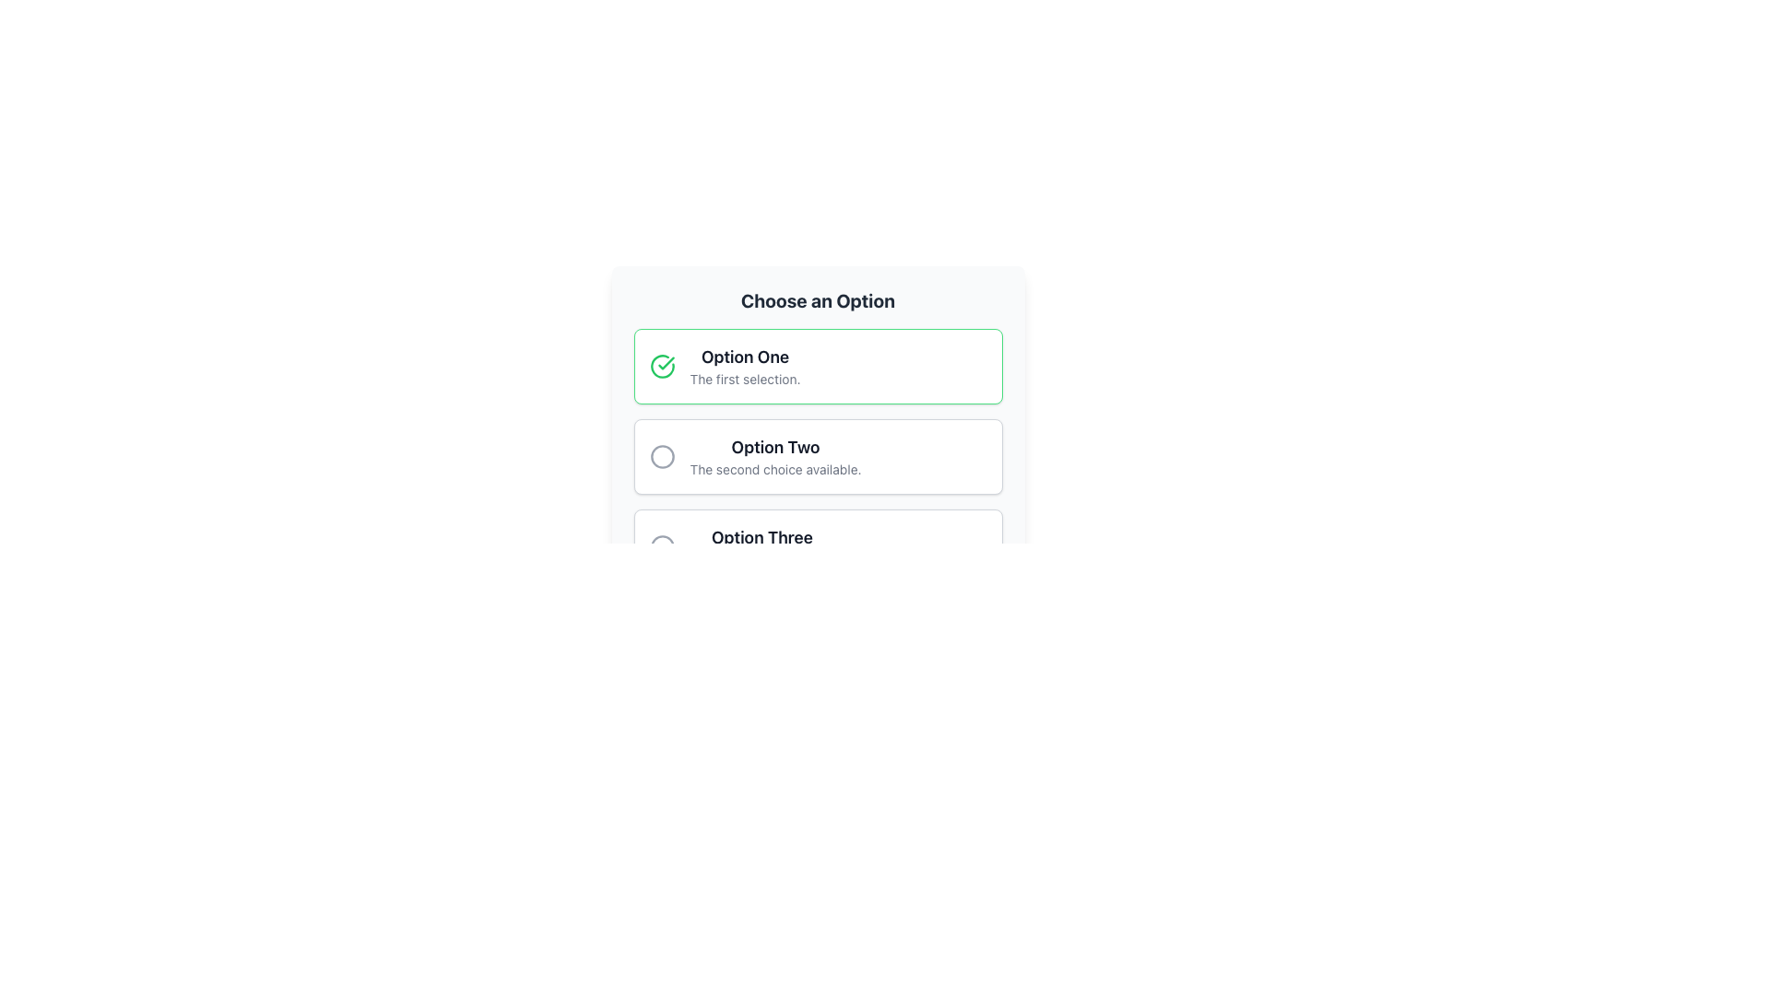 This screenshot has width=1770, height=995. Describe the element at coordinates (745, 379) in the screenshot. I see `the descriptive helper text located below the 'Option One' heading in the first option of the list` at that location.